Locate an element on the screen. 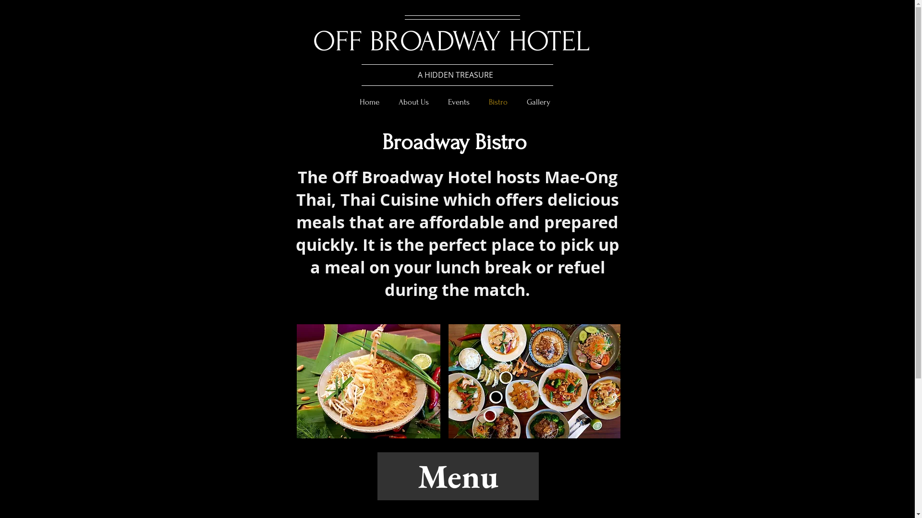 The width and height of the screenshot is (922, 518). 'Bistro' is located at coordinates (498, 102).